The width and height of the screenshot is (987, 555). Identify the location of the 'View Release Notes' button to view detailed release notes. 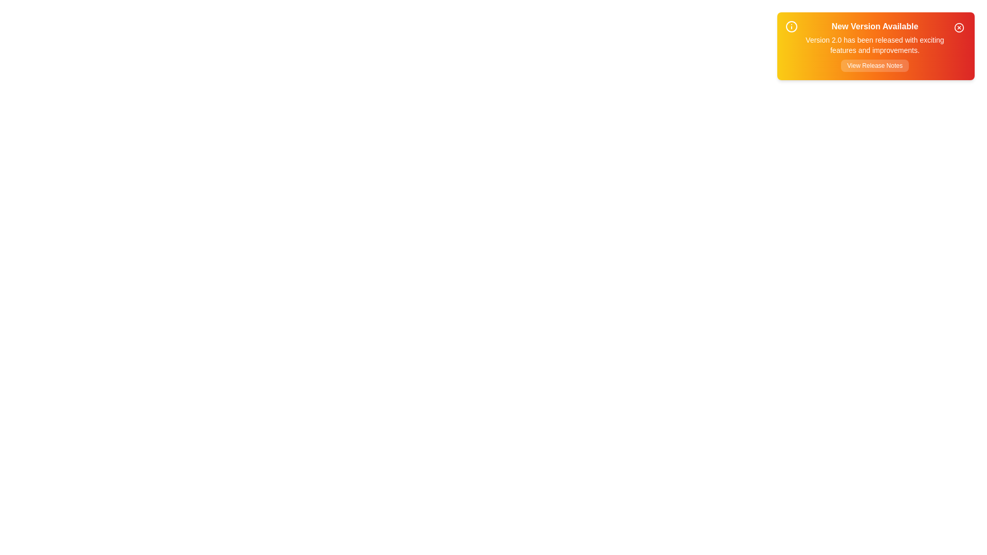
(874, 65).